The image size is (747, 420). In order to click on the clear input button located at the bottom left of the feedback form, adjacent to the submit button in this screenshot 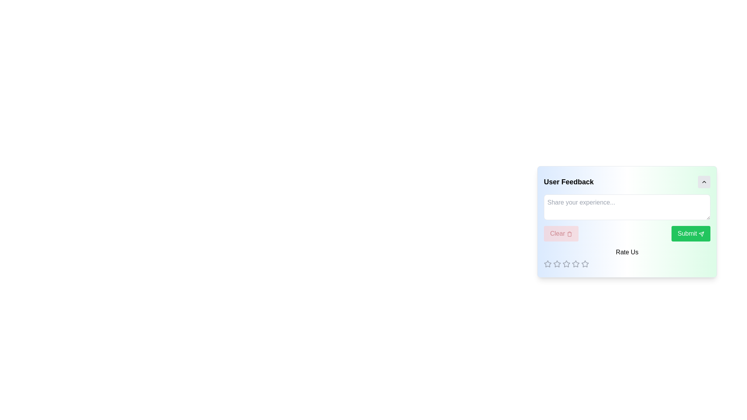, I will do `click(561, 233)`.